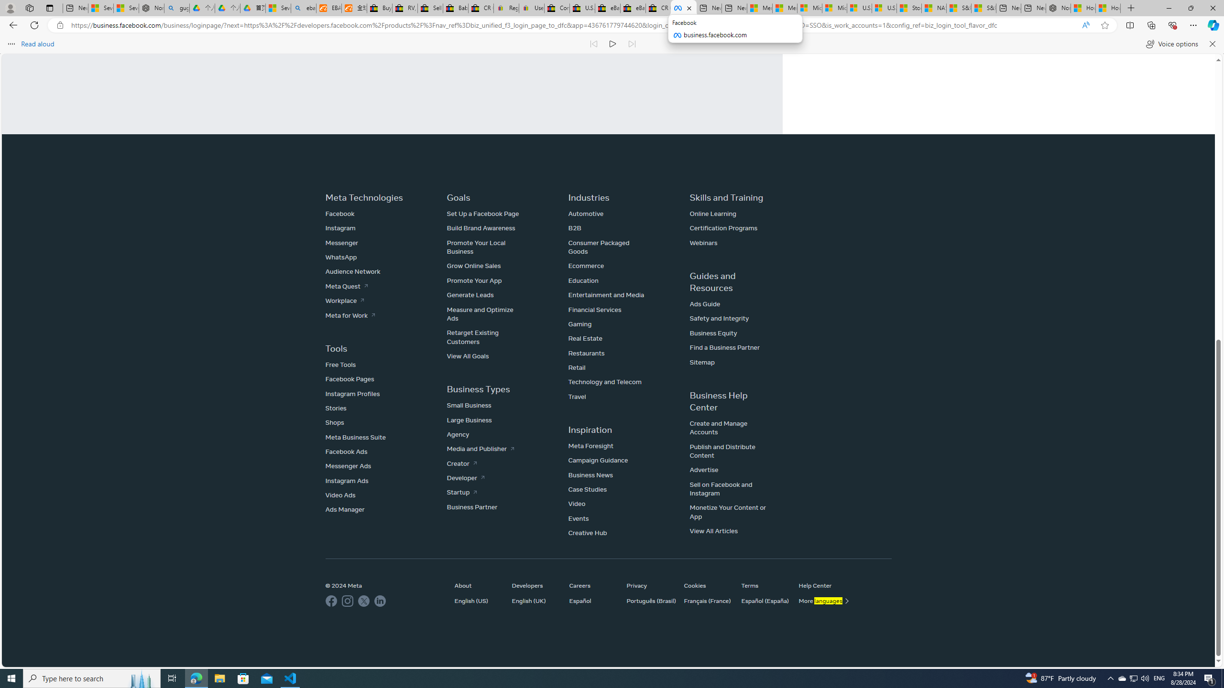 The height and width of the screenshot is (688, 1224). Describe the element at coordinates (346, 451) in the screenshot. I see `'Facebook Ads'` at that location.